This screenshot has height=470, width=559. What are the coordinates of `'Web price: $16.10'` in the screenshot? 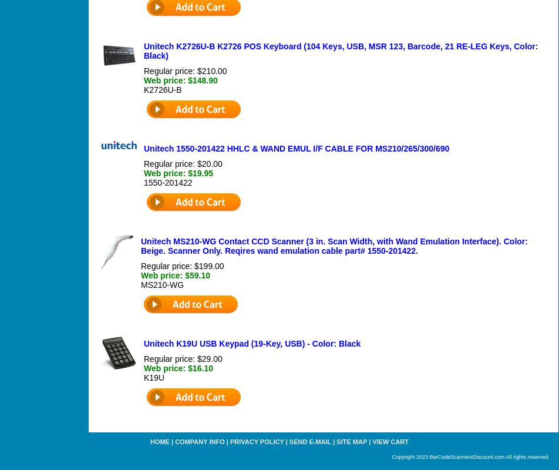 It's located at (178, 368).